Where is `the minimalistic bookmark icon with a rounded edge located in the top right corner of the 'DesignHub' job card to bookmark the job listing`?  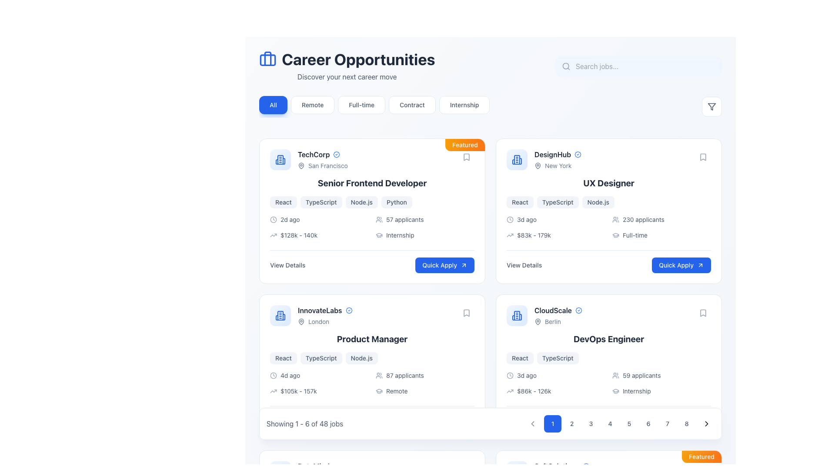 the minimalistic bookmark icon with a rounded edge located in the top right corner of the 'DesignHub' job card to bookmark the job listing is located at coordinates (703, 157).